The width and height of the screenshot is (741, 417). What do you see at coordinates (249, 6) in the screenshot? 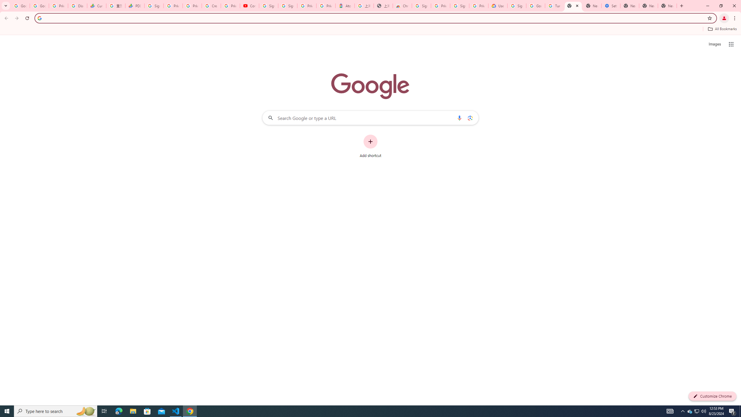
I see `'Content Creator Programs & Opportunities - YouTube Creators'` at bounding box center [249, 6].